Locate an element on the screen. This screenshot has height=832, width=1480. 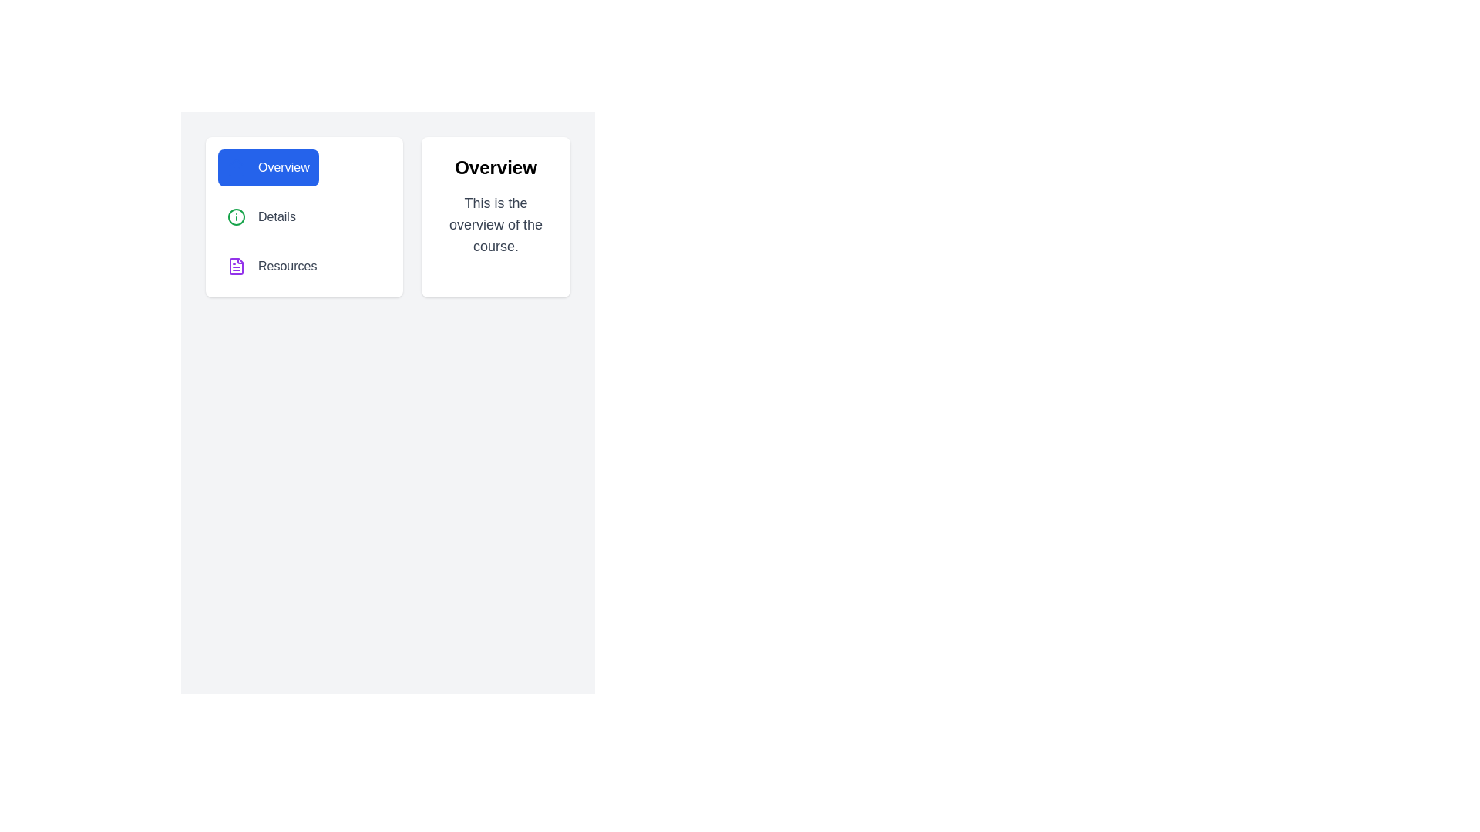
the 'Resources' button, which is a clickable element with a purple document icon and a light gray background, located in the vertical list on the left pane, beneath the 'Details' option is located at coordinates (272, 266).